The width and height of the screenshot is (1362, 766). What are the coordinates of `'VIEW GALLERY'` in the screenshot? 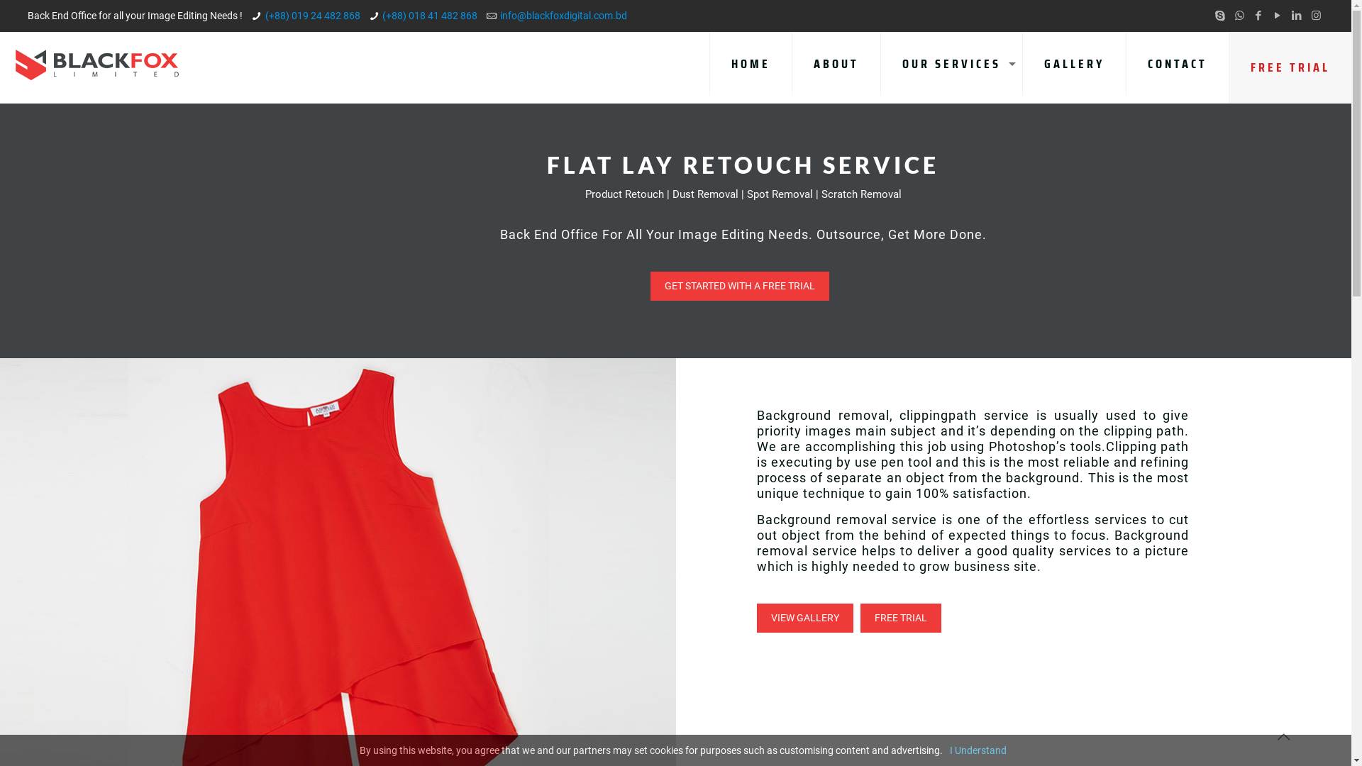 It's located at (755, 617).